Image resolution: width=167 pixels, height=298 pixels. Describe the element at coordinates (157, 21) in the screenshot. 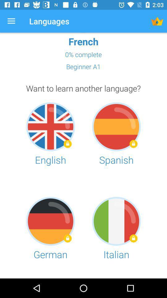

I see `app next to the languages item` at that location.